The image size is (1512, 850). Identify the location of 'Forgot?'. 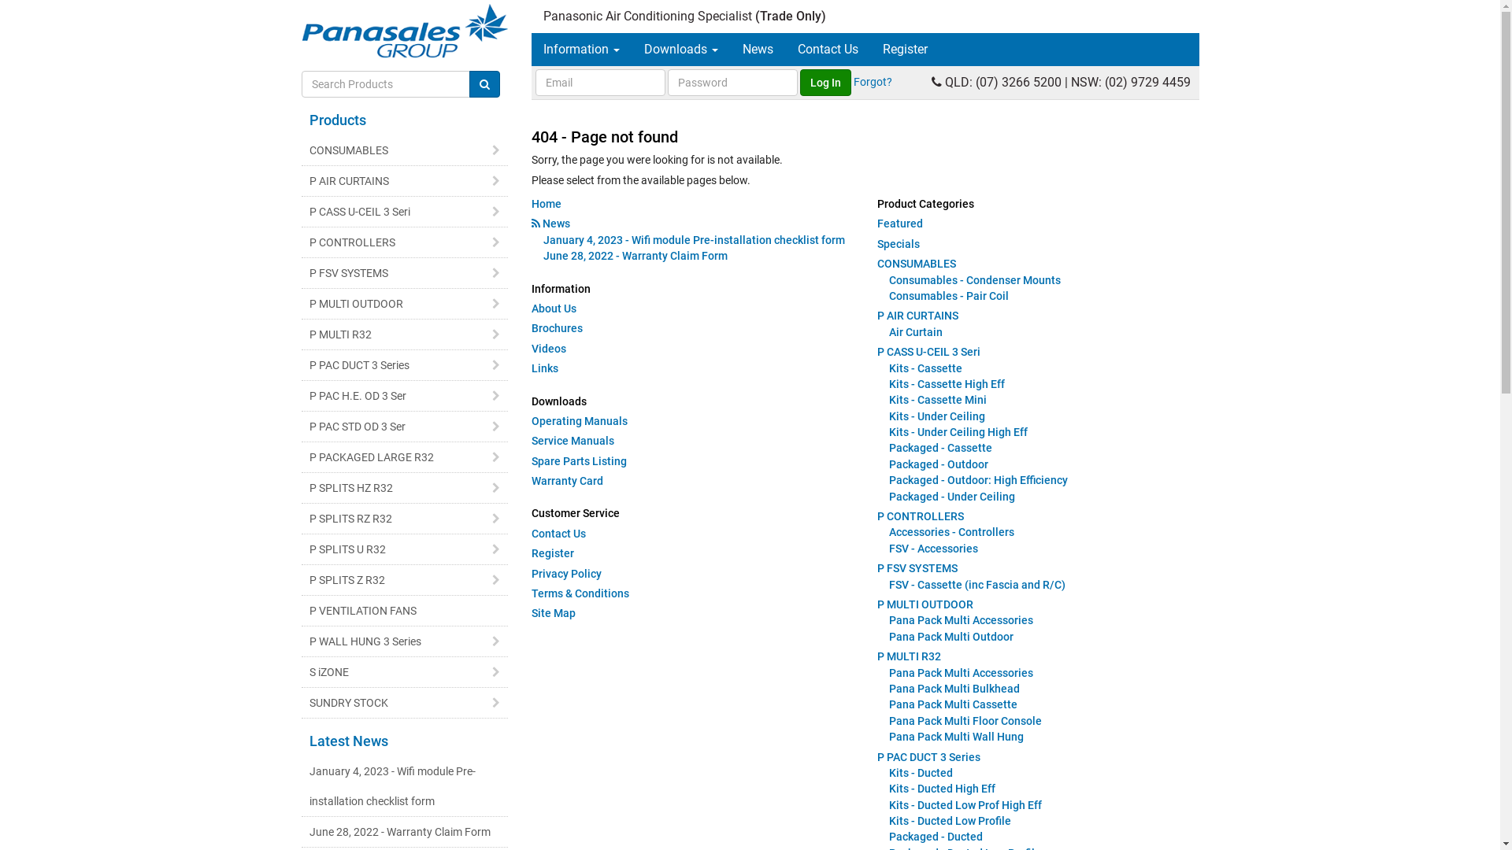
(872, 82).